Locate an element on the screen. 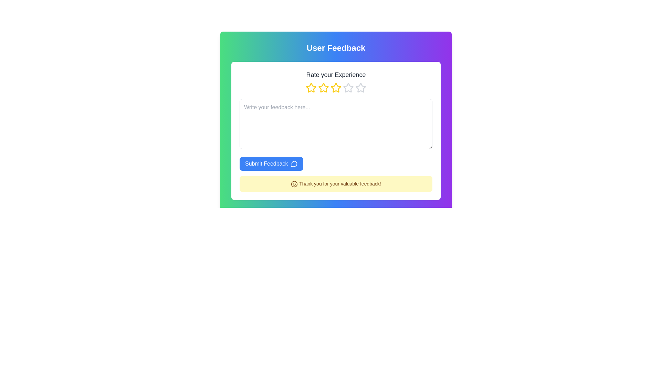 Image resolution: width=661 pixels, height=371 pixels. the 'Rate your Experience' text label, which is bold and centrally aligned below the 'User Feedback' heading is located at coordinates (336, 75).